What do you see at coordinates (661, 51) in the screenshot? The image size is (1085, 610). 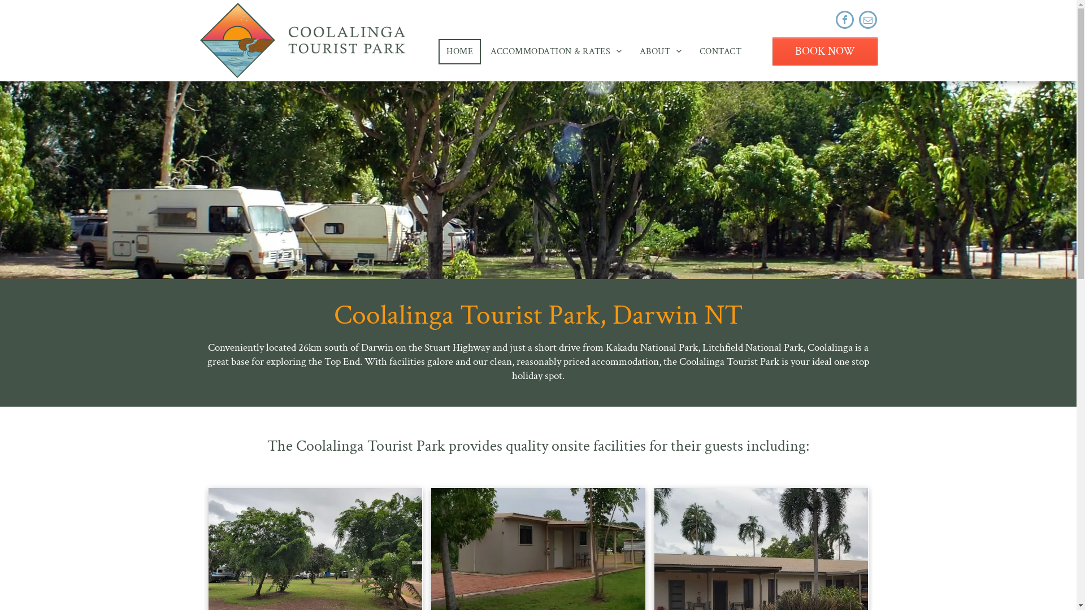 I see `'ABOUT'` at bounding box center [661, 51].